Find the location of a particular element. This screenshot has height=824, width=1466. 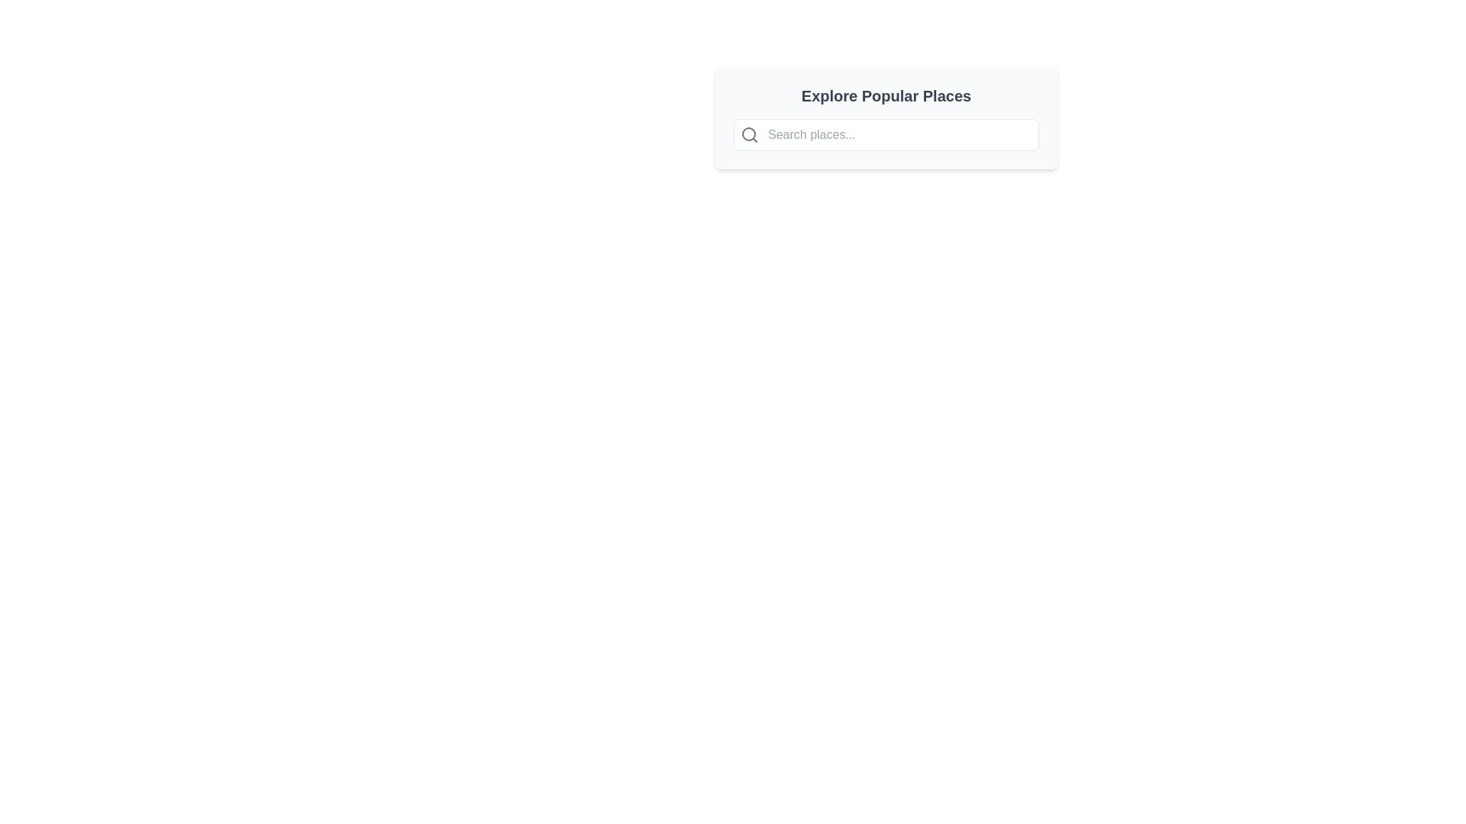

the circular graphical SVG component that is part of the magnifying glass icon located on the left side of the search input field labeled 'Search places...', positioned below the heading 'Explore Popular Places' is located at coordinates (748, 134).